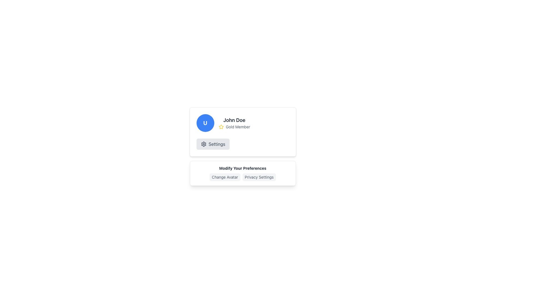 The height and width of the screenshot is (300, 533). Describe the element at coordinates (243, 168) in the screenshot. I see `the text label that displays 'Modify Your Preferences', which is styled in bold and small font size, positioned above the buttons 'Change Avatar' and 'Privacy Settings'` at that location.